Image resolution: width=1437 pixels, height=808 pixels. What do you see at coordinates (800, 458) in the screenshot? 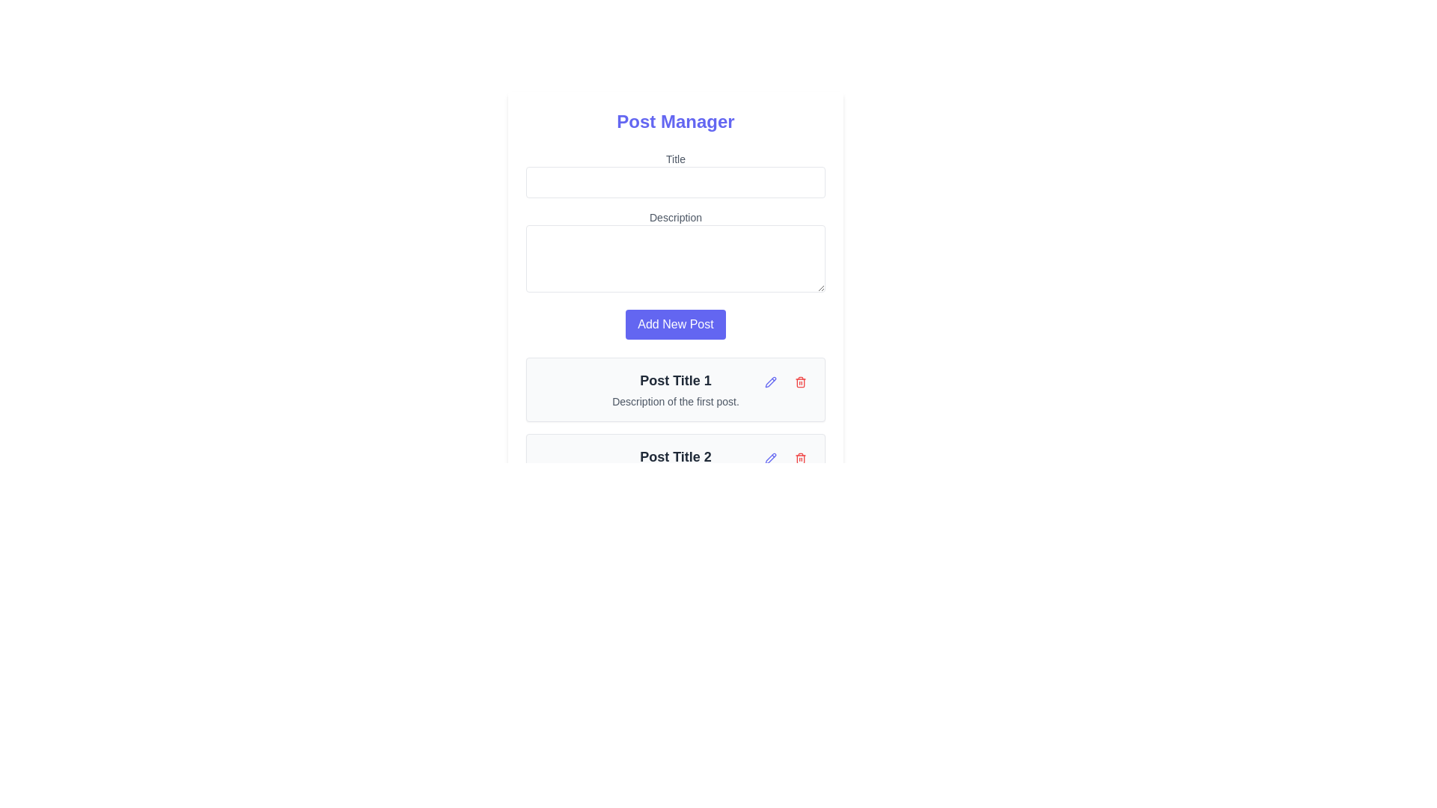
I see `the 'delete' button, which is the second icon in the row of utility buttons in the top-right section of the card for 'Post Title 2'` at bounding box center [800, 458].